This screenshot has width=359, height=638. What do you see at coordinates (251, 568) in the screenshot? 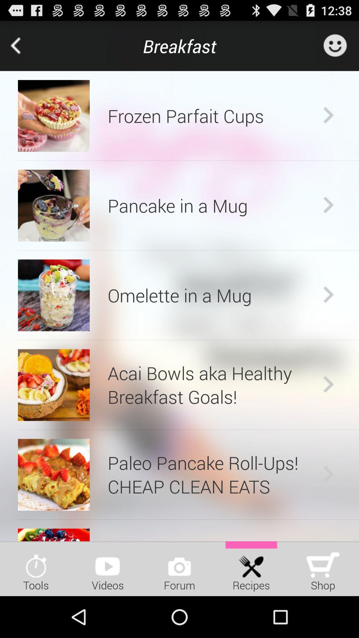
I see `icon next to the shop icon` at bounding box center [251, 568].